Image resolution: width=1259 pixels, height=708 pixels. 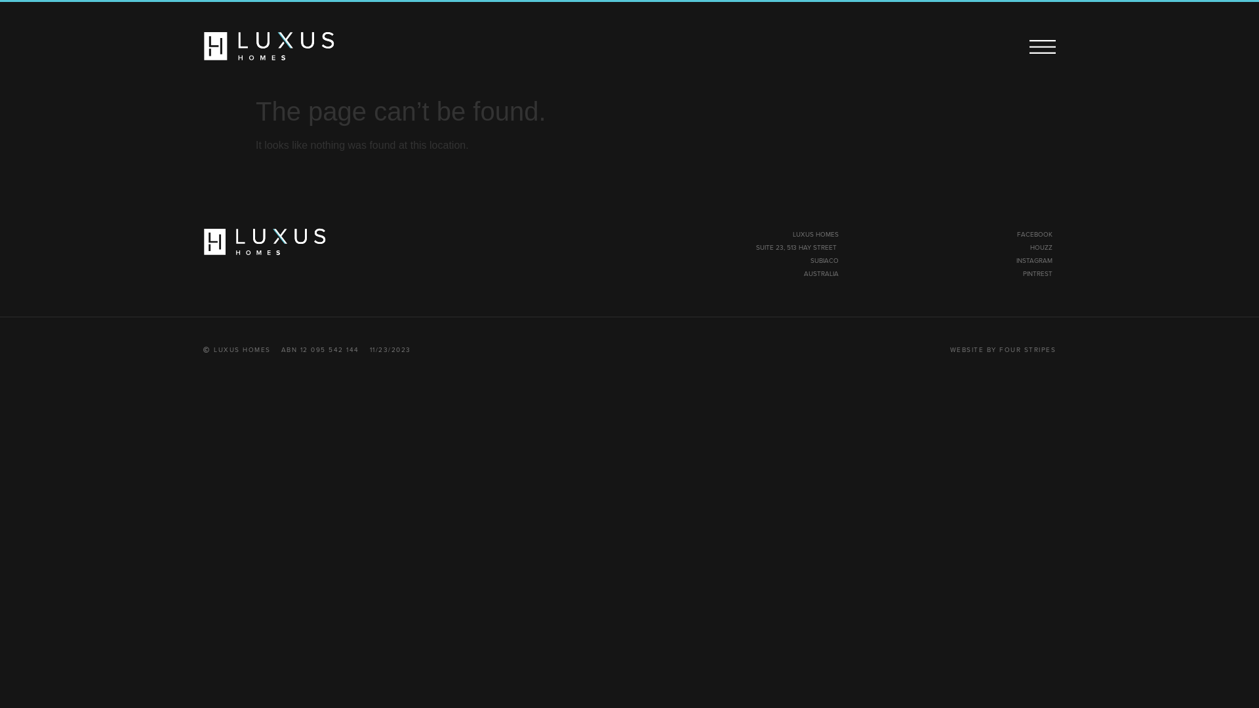 What do you see at coordinates (1037, 273) in the screenshot?
I see `'PINTREST'` at bounding box center [1037, 273].